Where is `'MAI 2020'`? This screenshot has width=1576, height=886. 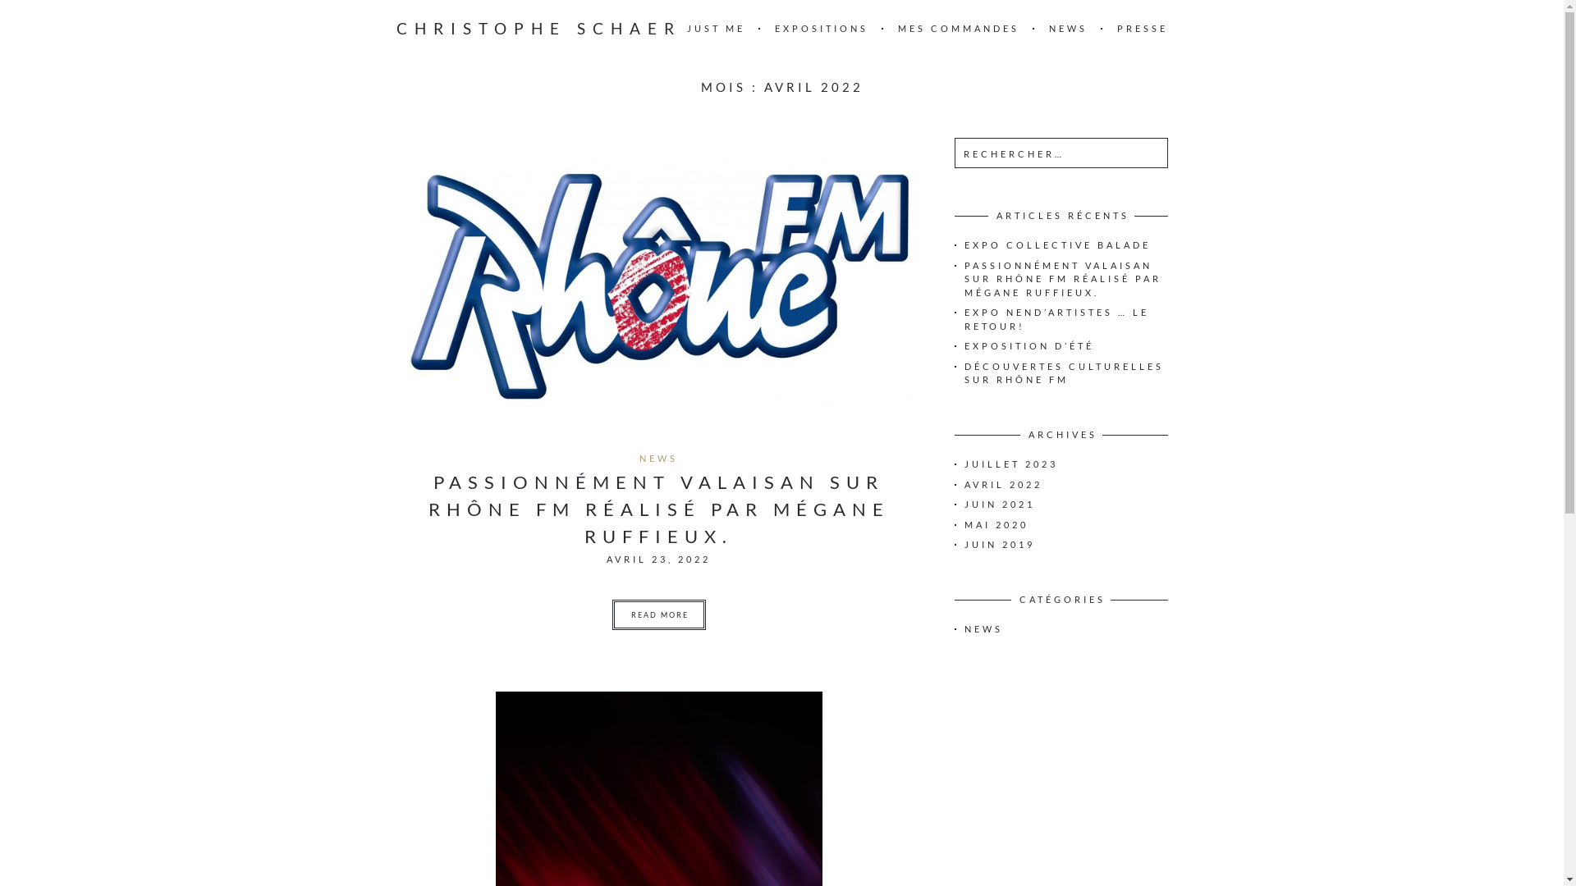 'MAI 2020' is located at coordinates (995, 523).